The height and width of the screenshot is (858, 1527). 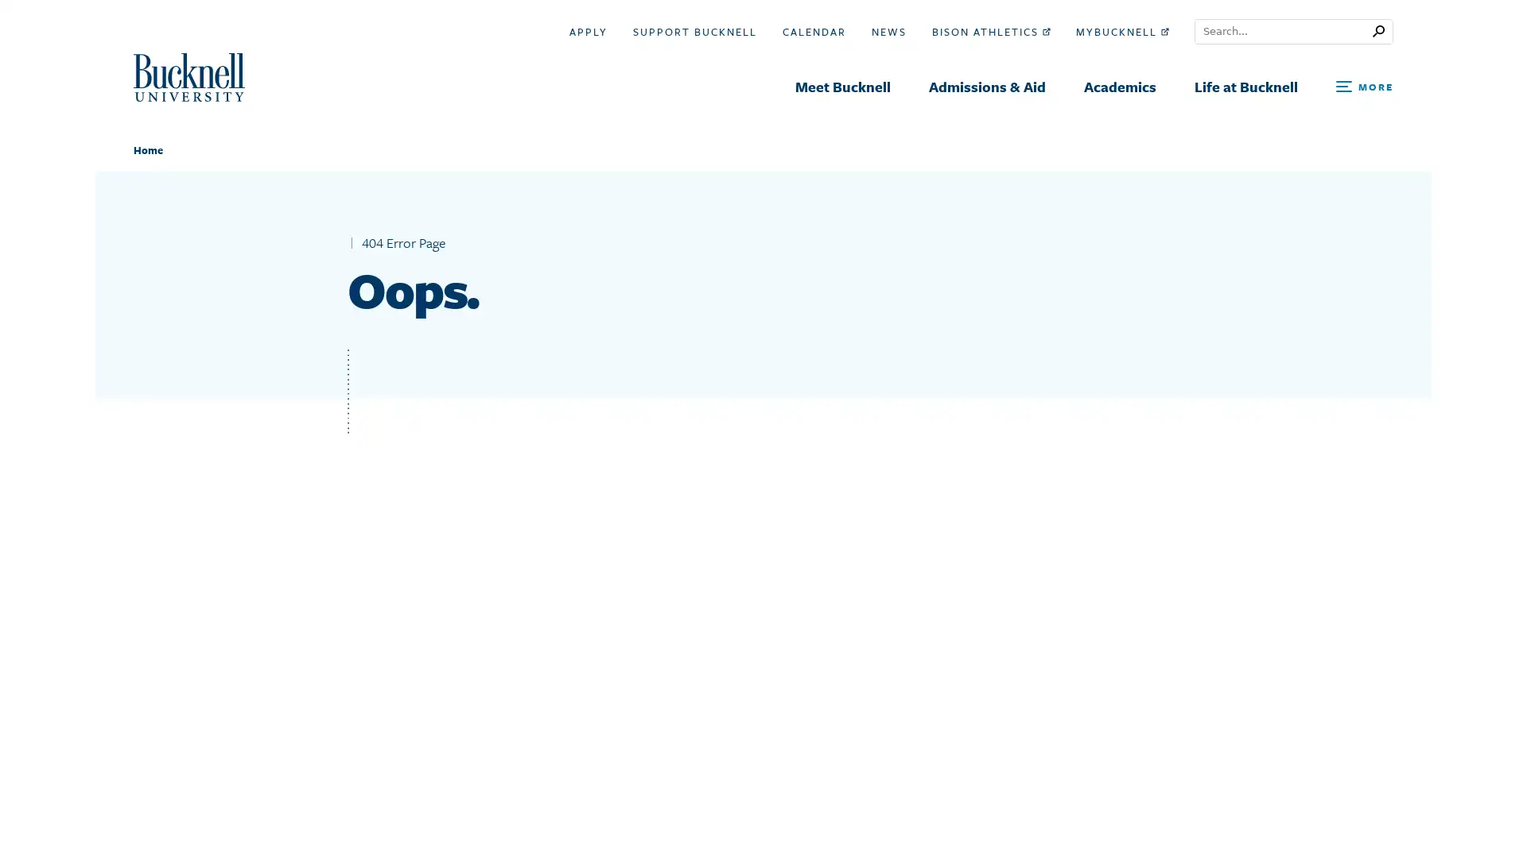 What do you see at coordinates (1381, 31) in the screenshot?
I see `Submit` at bounding box center [1381, 31].